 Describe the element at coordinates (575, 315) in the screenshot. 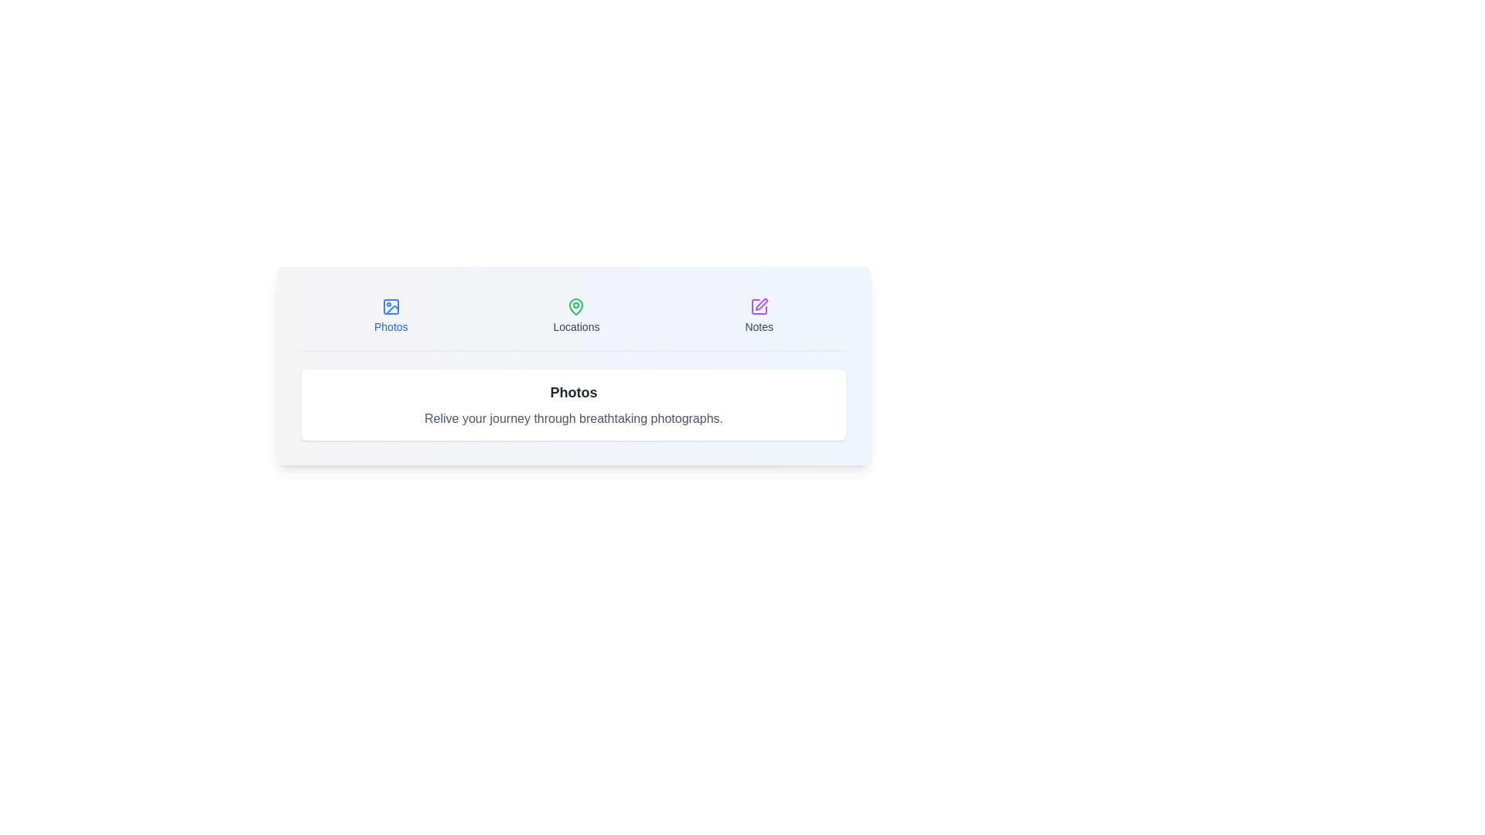

I see `the Locations tab by clicking on it` at that location.